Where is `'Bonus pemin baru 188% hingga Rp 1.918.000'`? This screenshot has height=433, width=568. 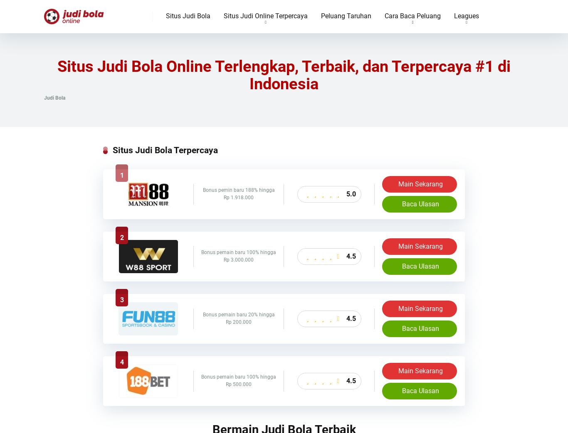 'Bonus pemin baru 188% hingga Rp 1.918.000' is located at coordinates (202, 193).